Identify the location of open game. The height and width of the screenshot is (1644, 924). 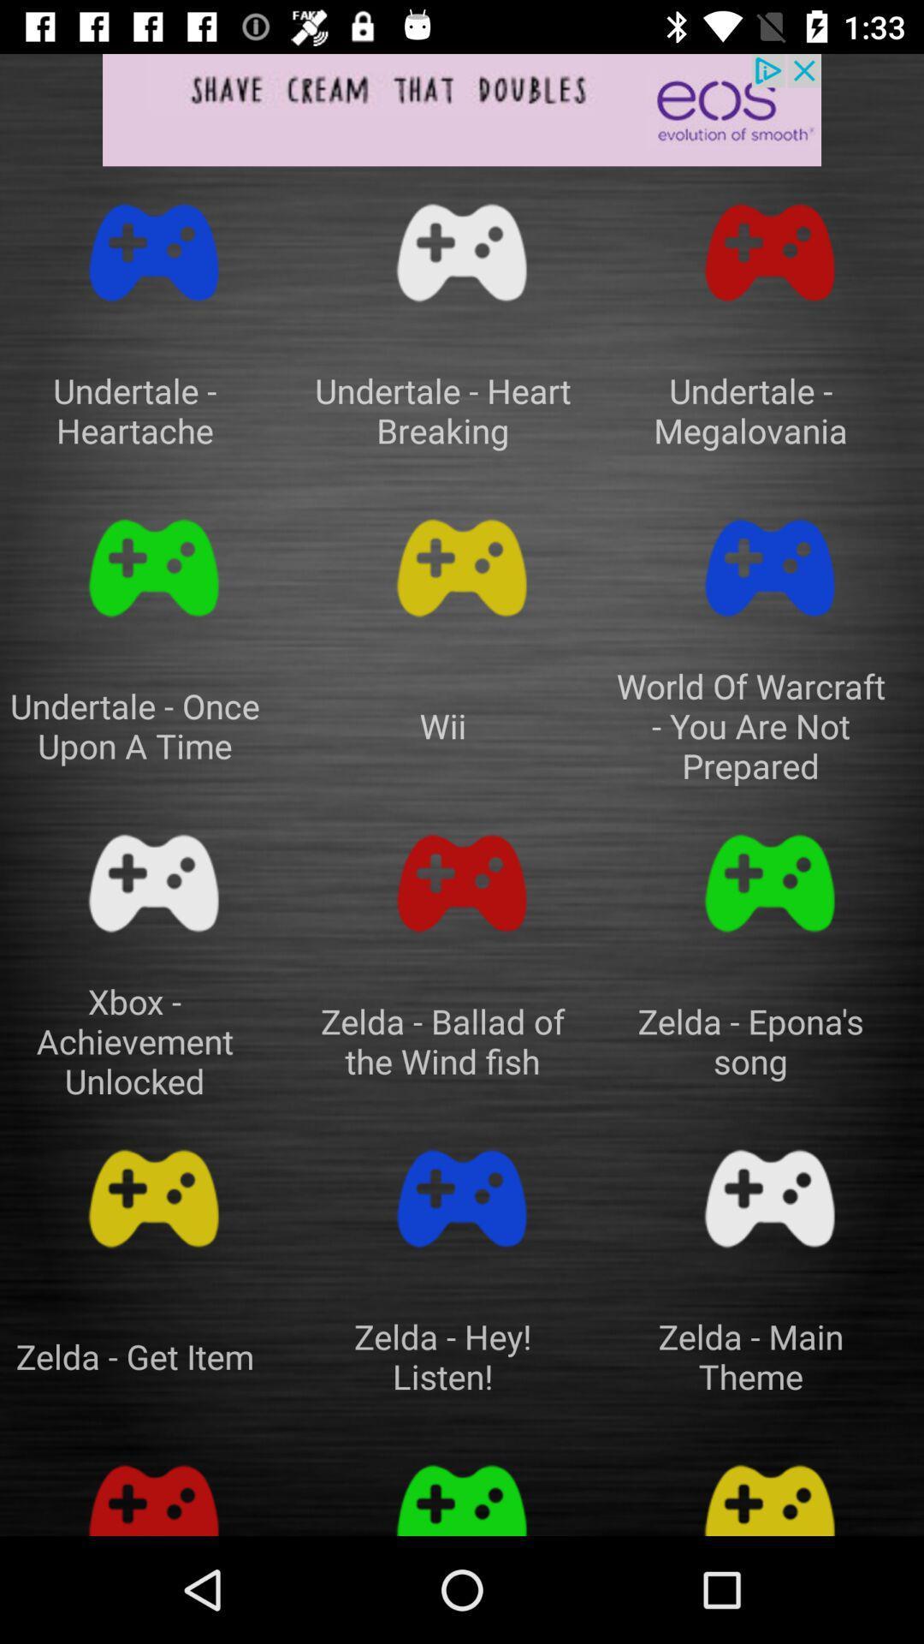
(462, 1490).